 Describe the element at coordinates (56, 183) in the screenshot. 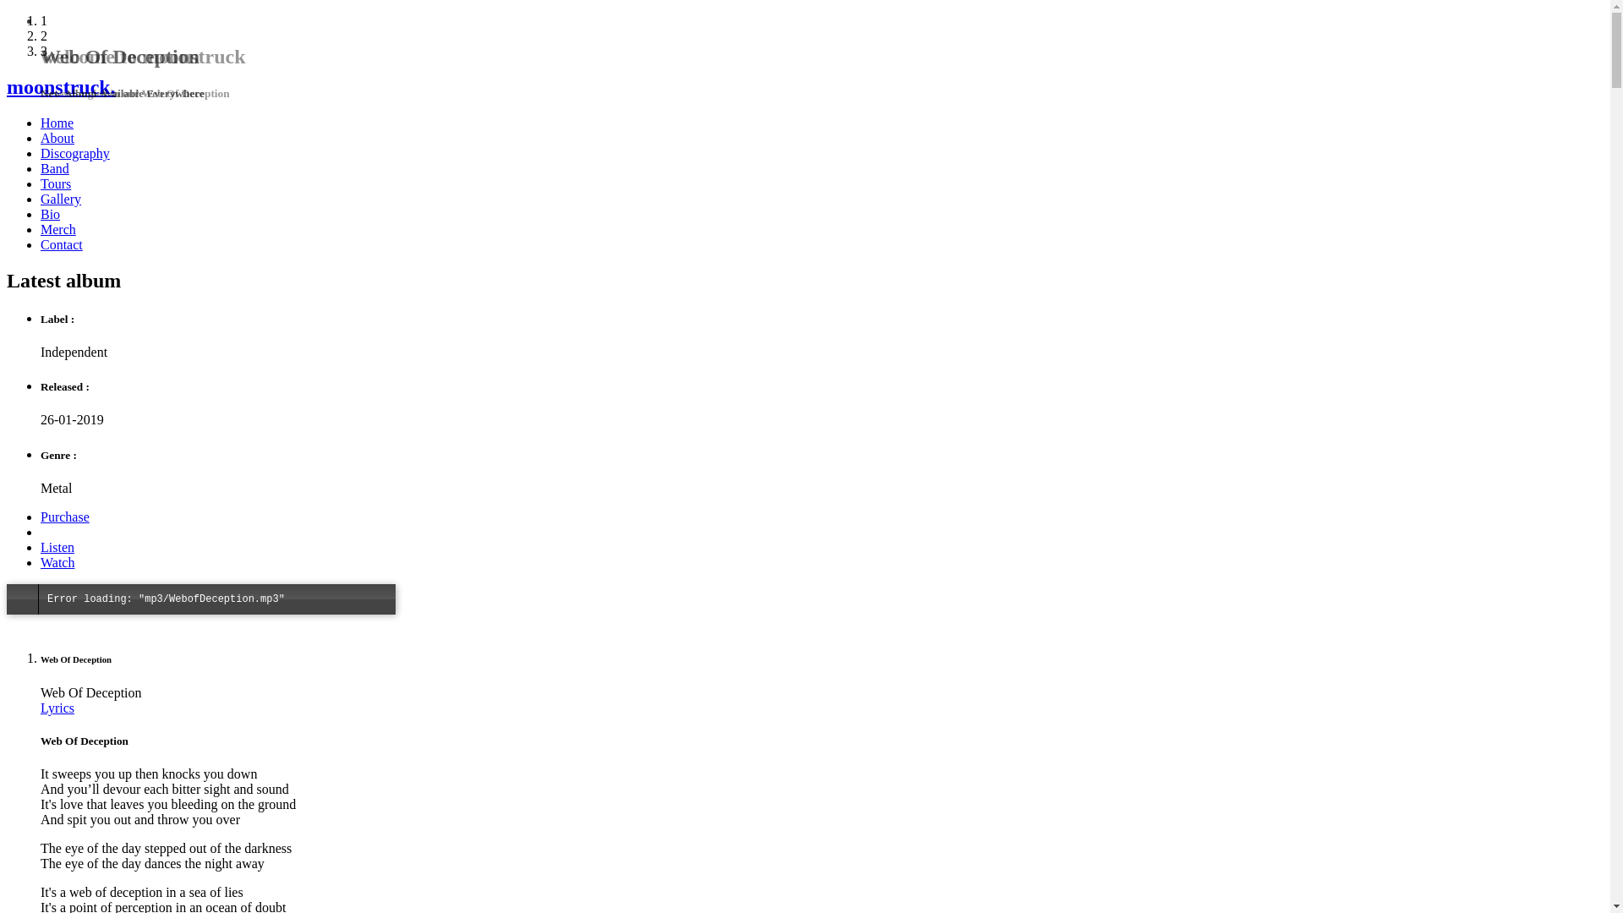

I see `'Tours'` at that location.